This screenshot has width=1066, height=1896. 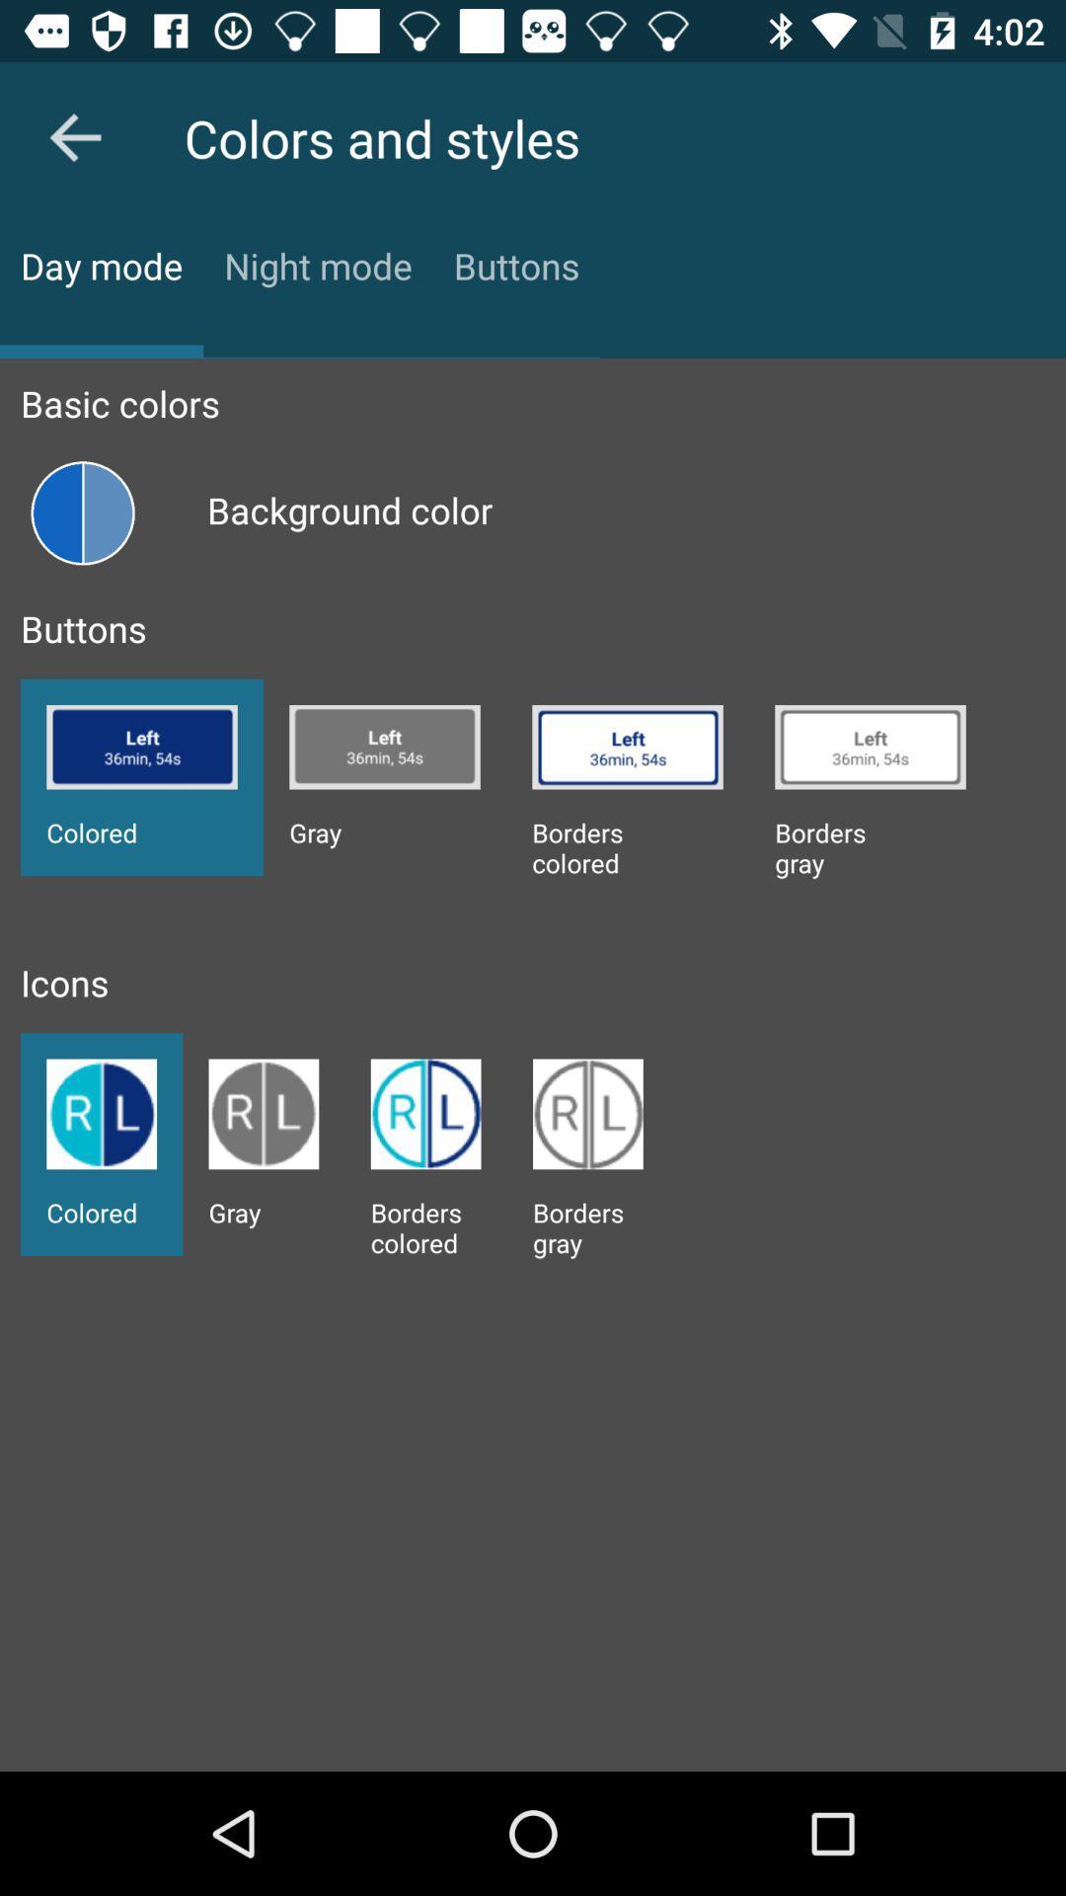 What do you see at coordinates (74, 136) in the screenshot?
I see `go back` at bounding box center [74, 136].